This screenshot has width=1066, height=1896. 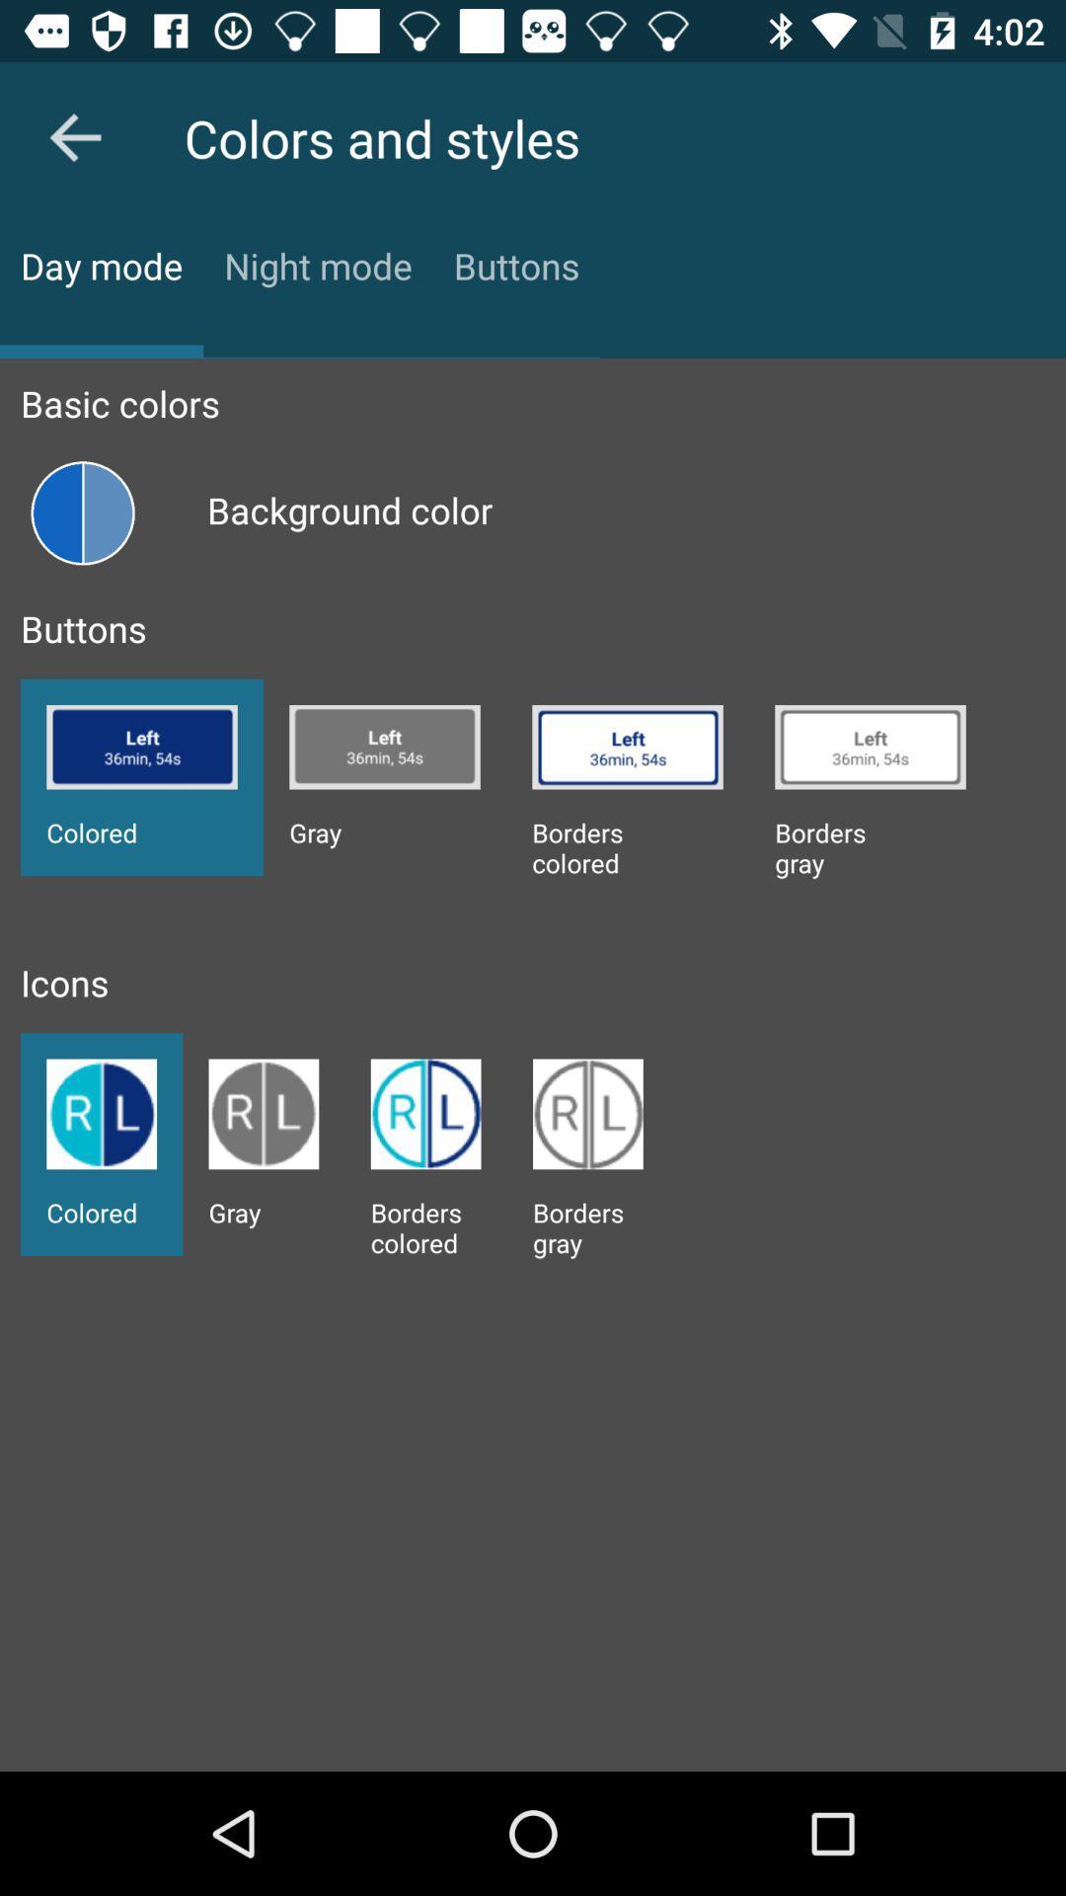 What do you see at coordinates (74, 136) in the screenshot?
I see `go back` at bounding box center [74, 136].